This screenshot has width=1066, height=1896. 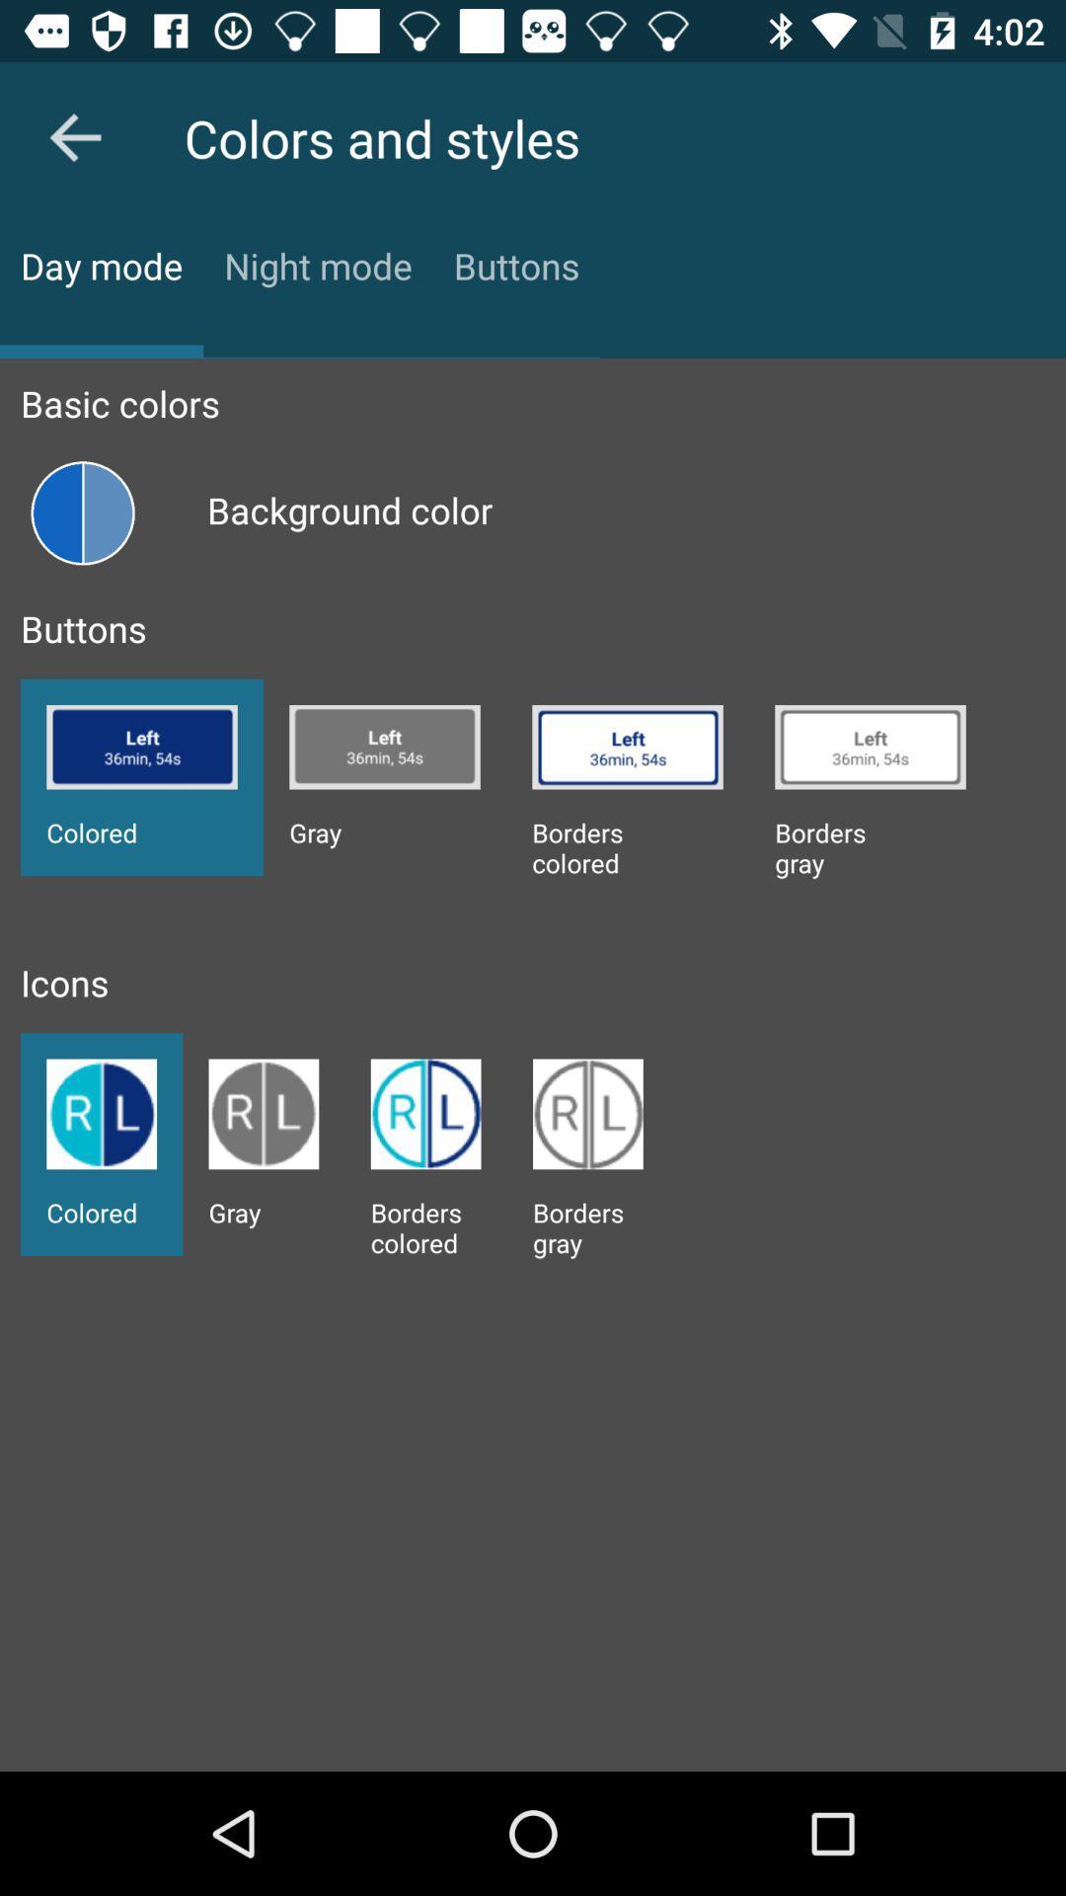 What do you see at coordinates (74, 136) in the screenshot?
I see `go back` at bounding box center [74, 136].